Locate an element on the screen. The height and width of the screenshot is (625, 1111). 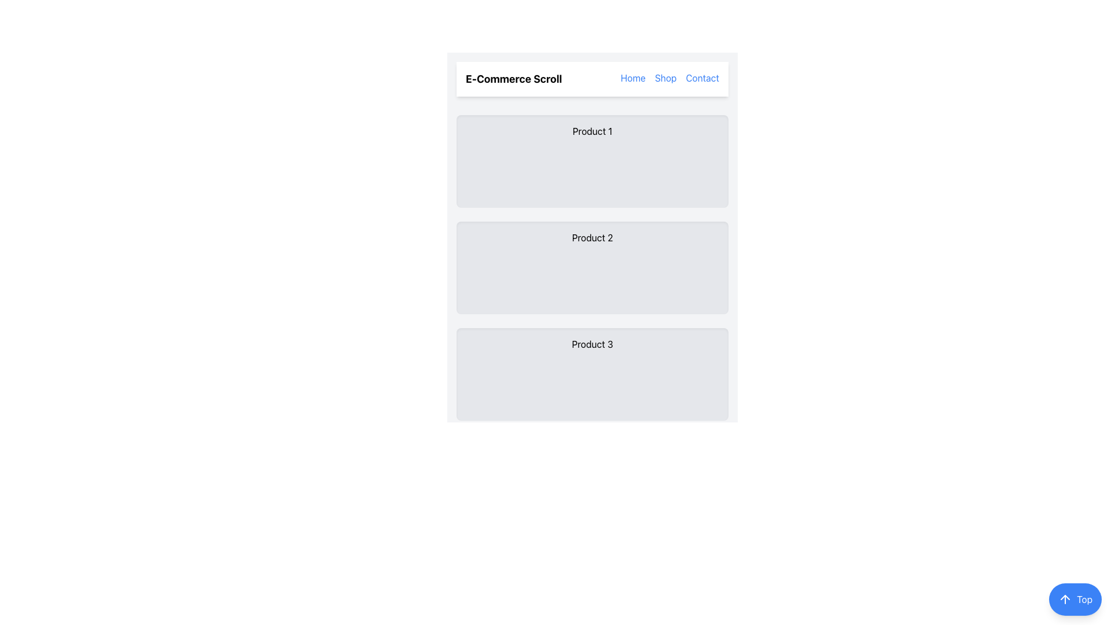
the blue-colored clickable text displaying 'Home' in the horizontal navigation bar is located at coordinates (632, 78).